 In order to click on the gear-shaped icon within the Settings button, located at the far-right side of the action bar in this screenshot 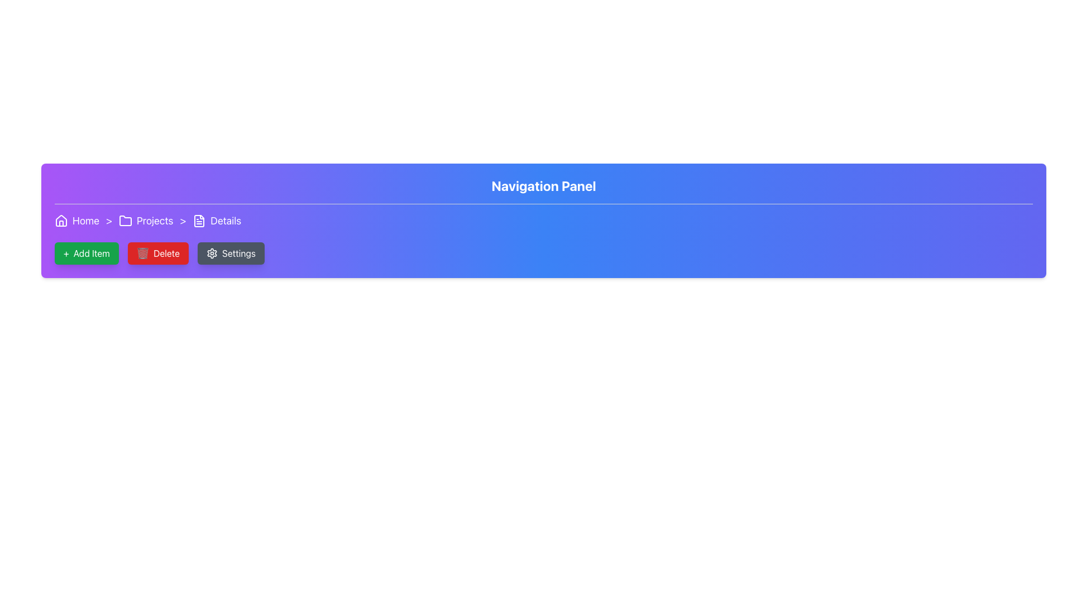, I will do `click(212, 253)`.